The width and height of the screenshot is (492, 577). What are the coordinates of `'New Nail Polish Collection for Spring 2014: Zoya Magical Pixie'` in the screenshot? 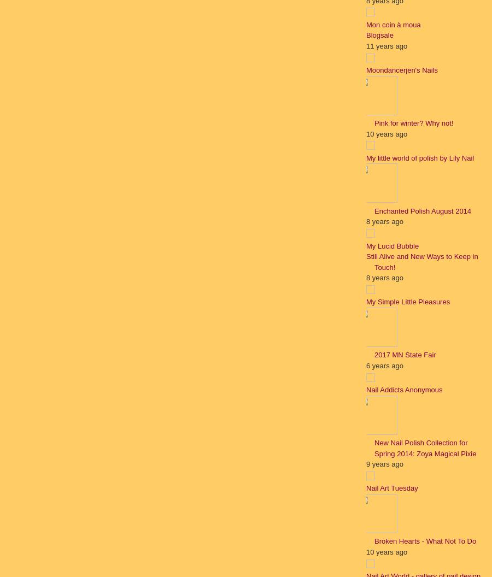 It's located at (424, 448).